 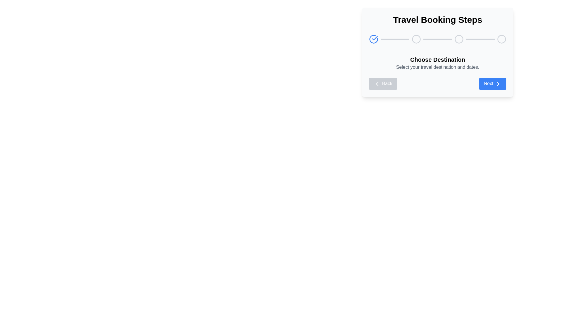 What do you see at coordinates (501, 39) in the screenshot?
I see `the fifth circular icon (progress indicator) in the header of the 'Travel Booking Steps' module, which is represented by a light gray stroke outline with no fill` at bounding box center [501, 39].